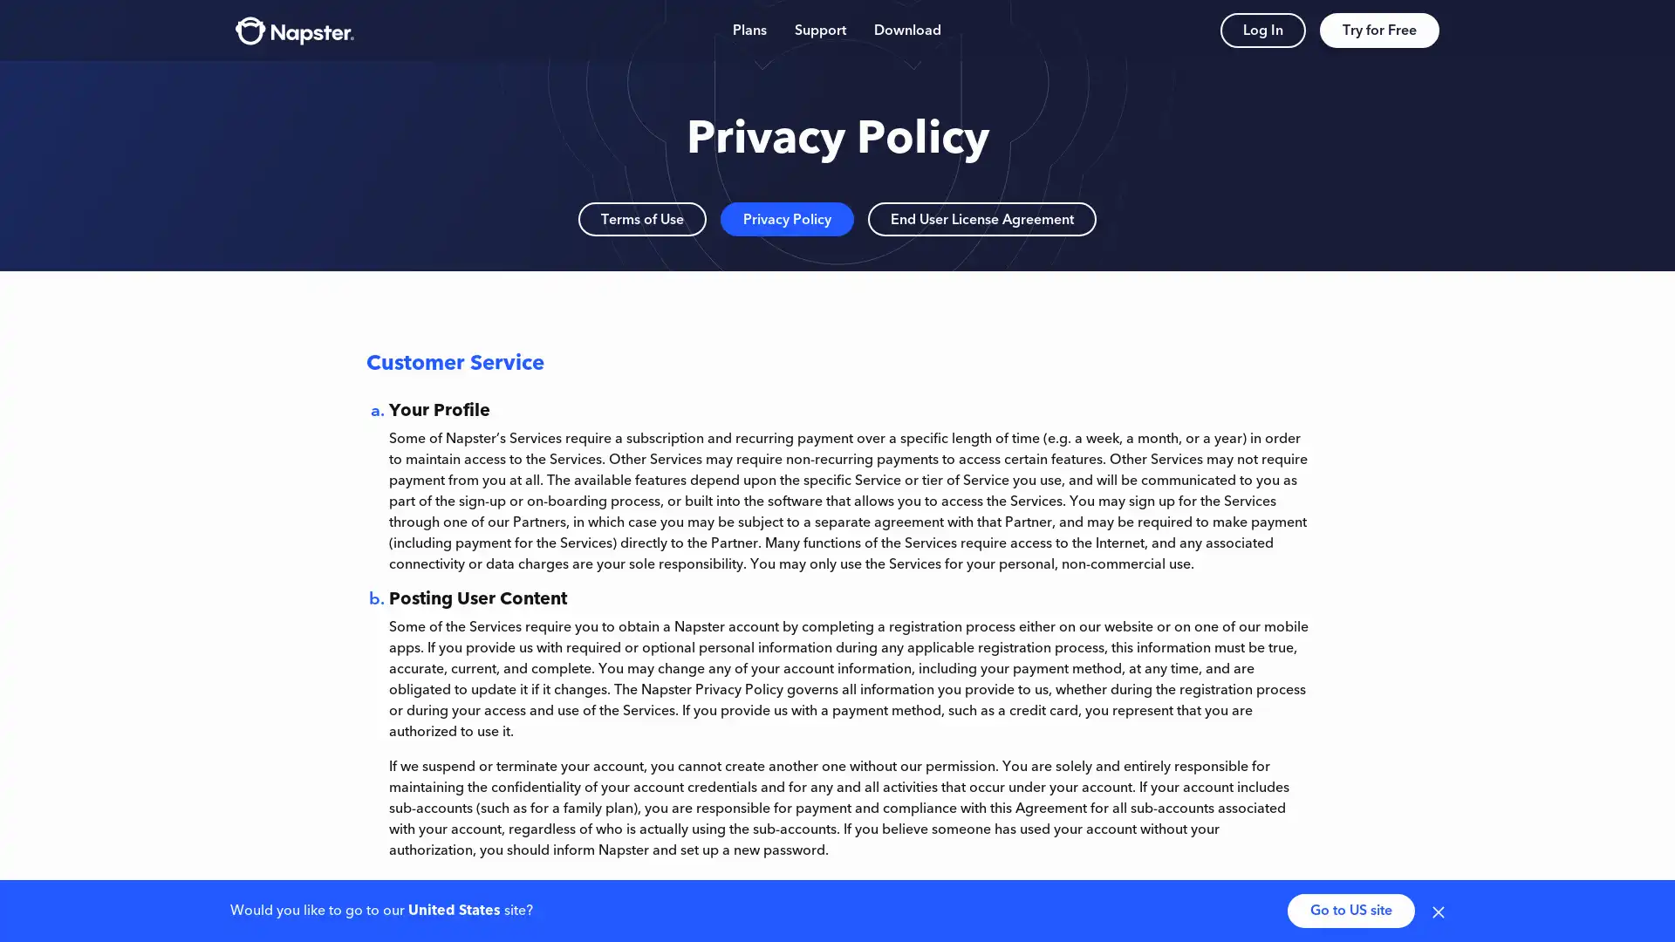  Describe the element at coordinates (1439, 910) in the screenshot. I see `close region picker` at that location.